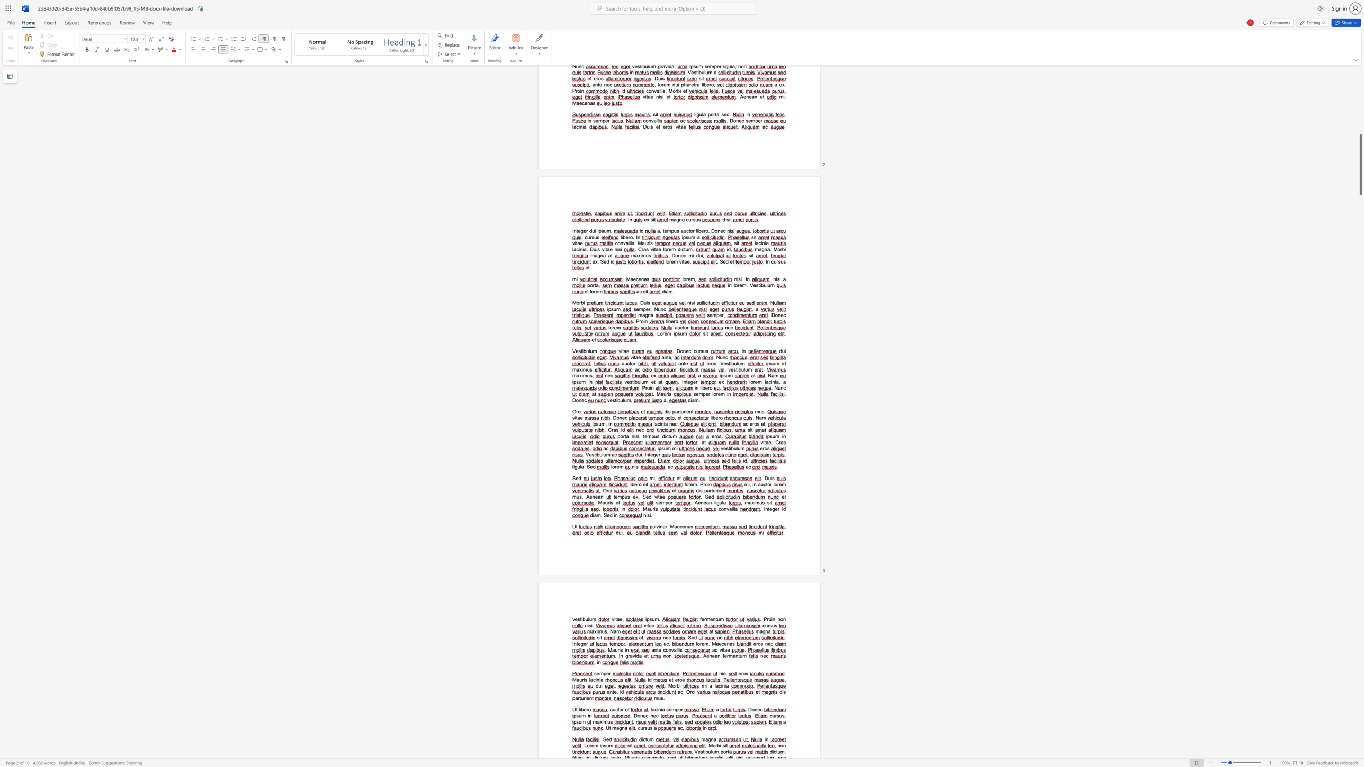 This screenshot has width=1364, height=767. I want to click on the 1th character "t" in the text, so click(618, 709).